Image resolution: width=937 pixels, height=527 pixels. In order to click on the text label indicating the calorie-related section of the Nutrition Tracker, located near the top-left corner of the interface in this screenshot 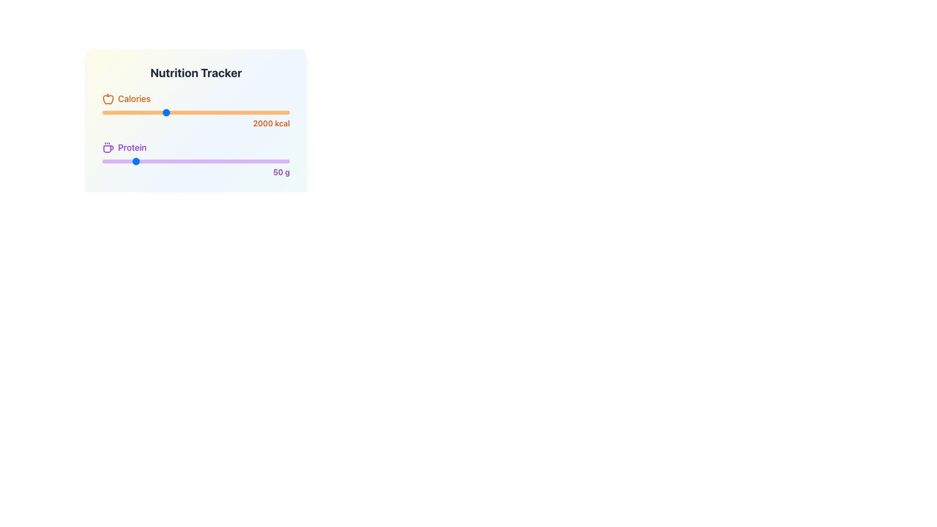, I will do `click(134, 99)`.